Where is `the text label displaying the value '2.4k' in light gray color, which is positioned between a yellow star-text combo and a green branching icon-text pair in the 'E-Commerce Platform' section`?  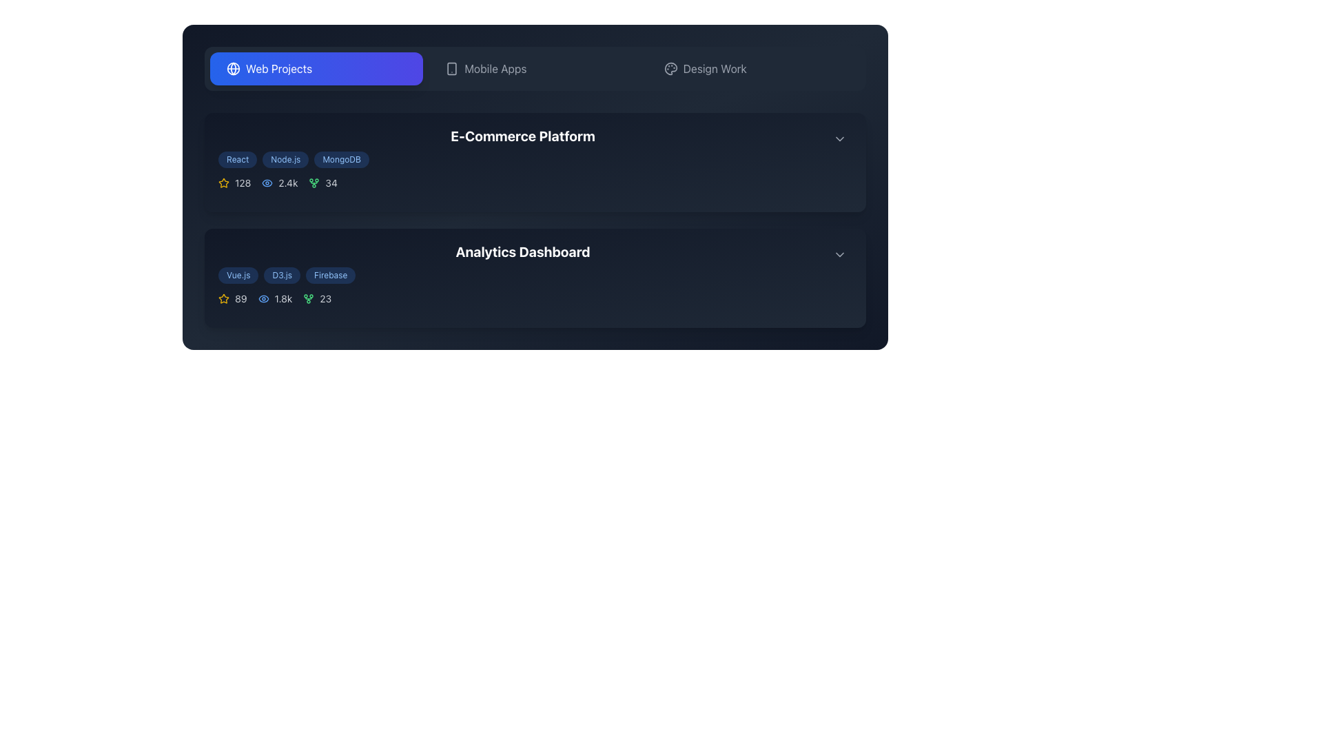
the text label displaying the value '2.4k' in light gray color, which is positioned between a yellow star-text combo and a green branching icon-text pair in the 'E-Commerce Platform' section is located at coordinates (279, 183).